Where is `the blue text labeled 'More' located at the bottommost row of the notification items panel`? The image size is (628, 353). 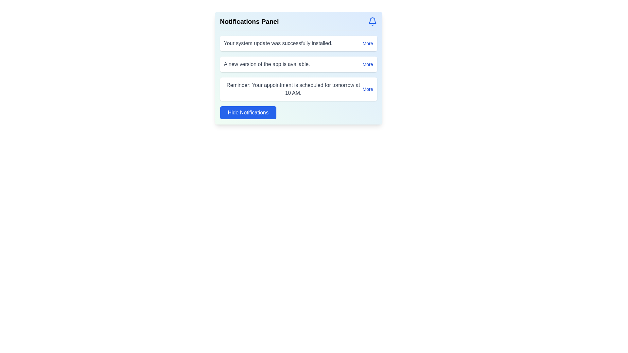 the blue text labeled 'More' located at the bottommost row of the notification items panel is located at coordinates (368, 89).